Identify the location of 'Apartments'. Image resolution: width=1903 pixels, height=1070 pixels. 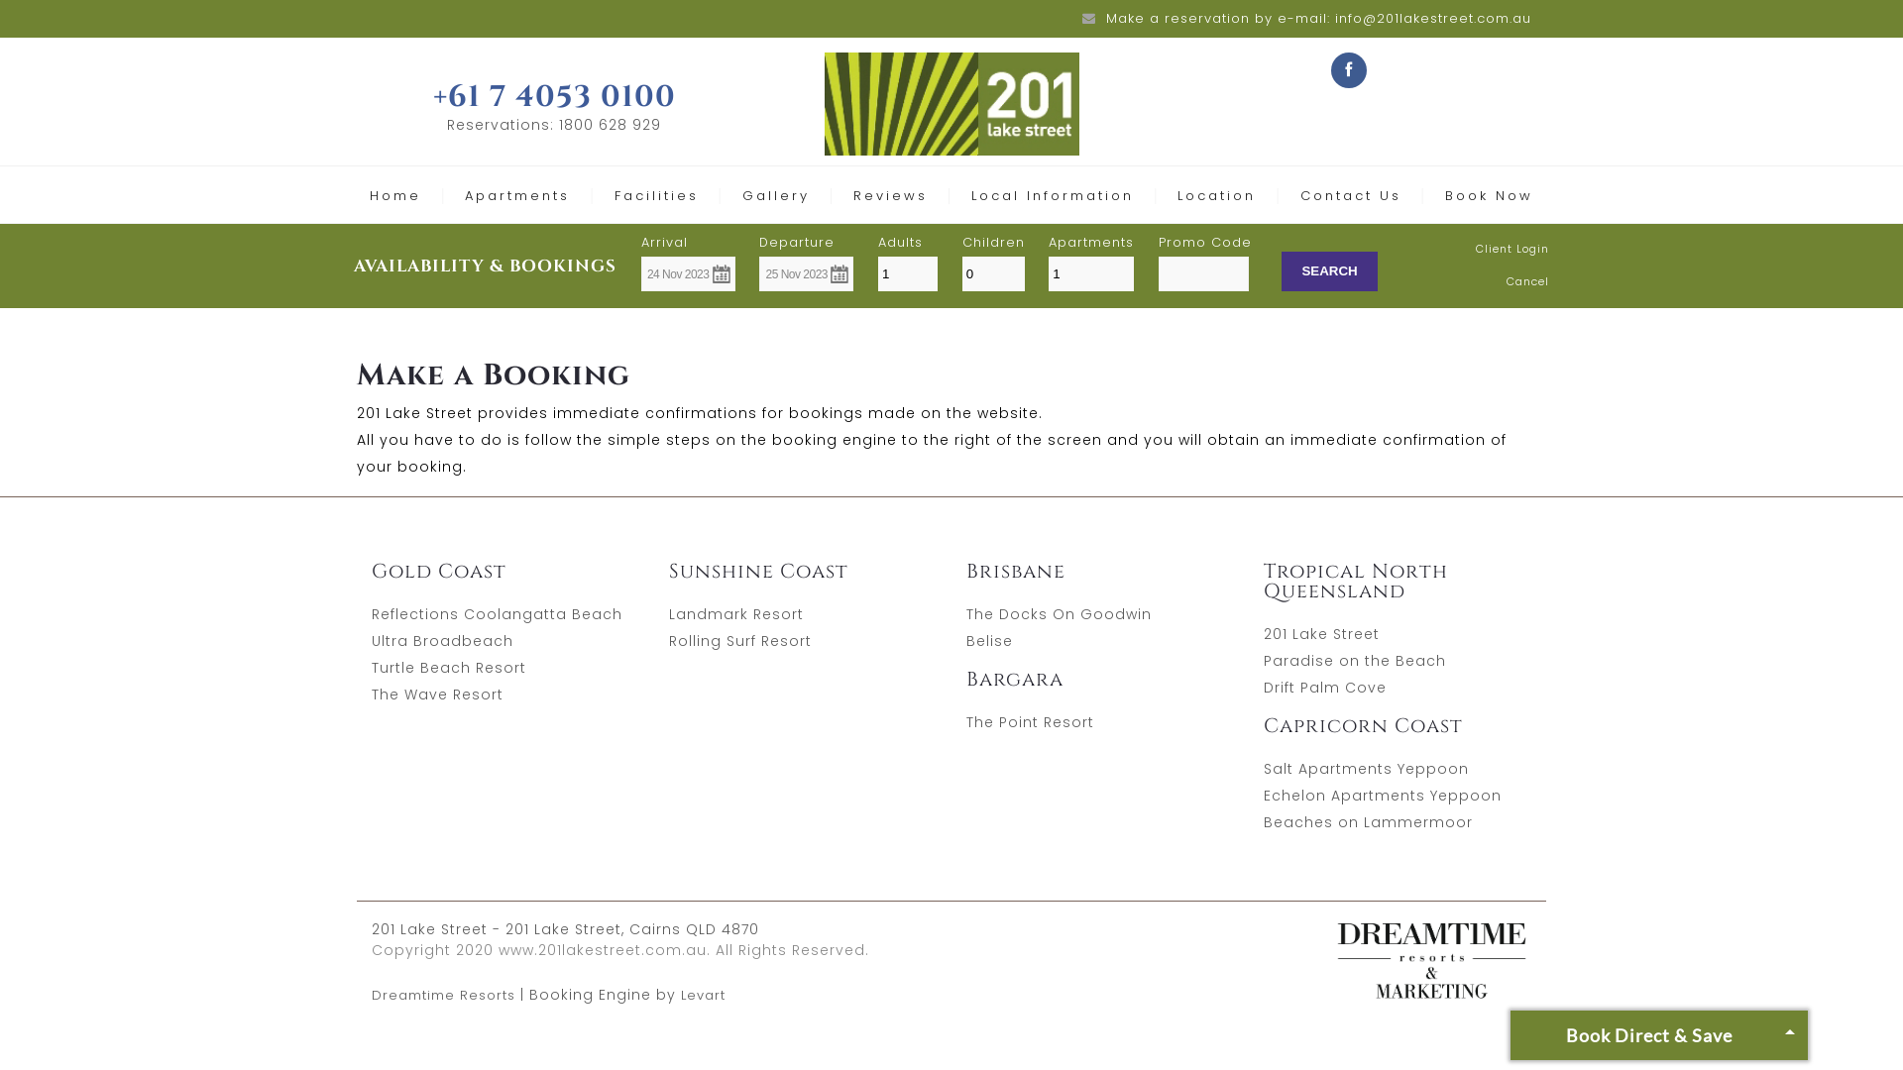
(517, 195).